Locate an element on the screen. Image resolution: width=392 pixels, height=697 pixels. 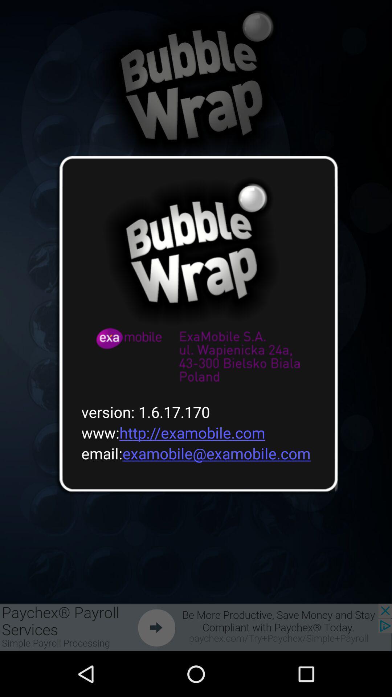
item above the email examobile examobile is located at coordinates (168, 432).